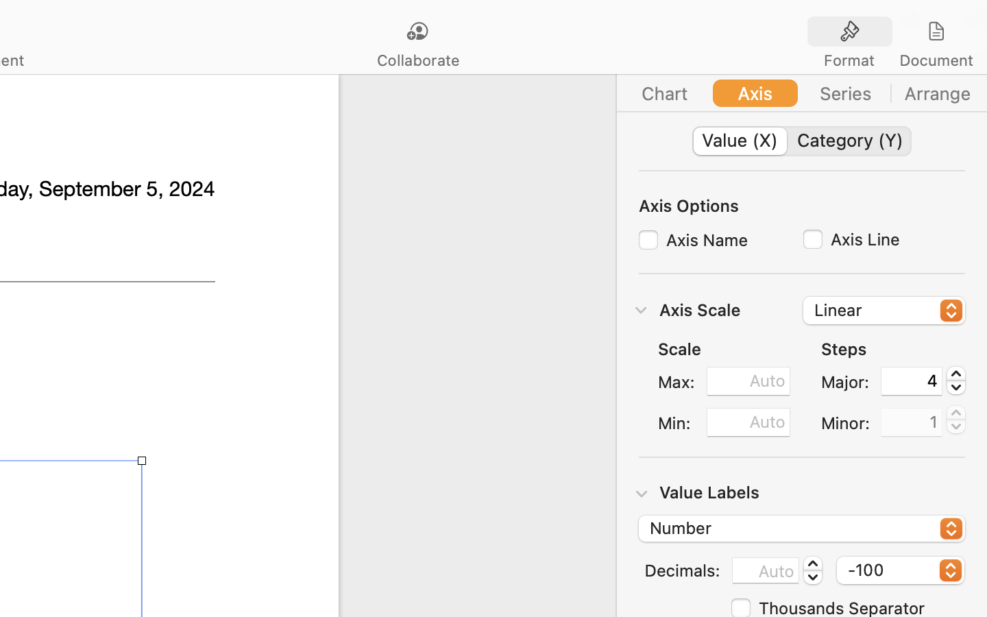 This screenshot has height=617, width=987. What do you see at coordinates (675, 381) in the screenshot?
I see `'Max:'` at bounding box center [675, 381].